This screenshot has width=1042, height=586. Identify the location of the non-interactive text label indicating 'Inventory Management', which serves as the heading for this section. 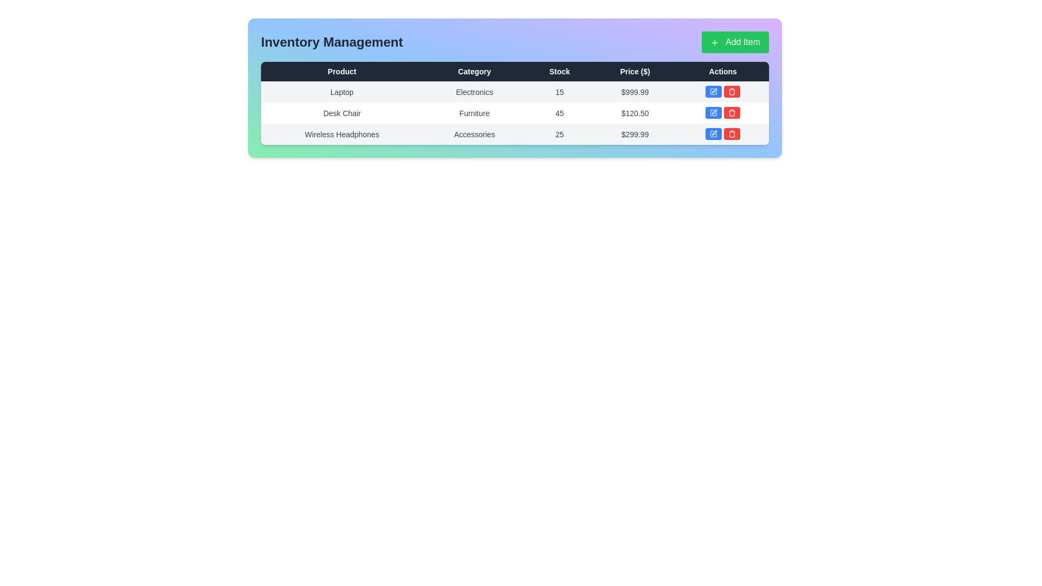
(331, 41).